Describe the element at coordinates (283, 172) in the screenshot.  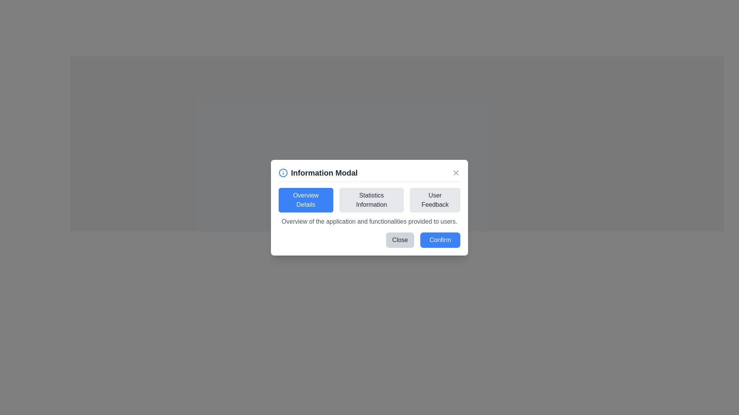
I see `the blue circular information icon located on the left side of the header of the Information Modal, preceding the text 'Information Modal'` at that location.